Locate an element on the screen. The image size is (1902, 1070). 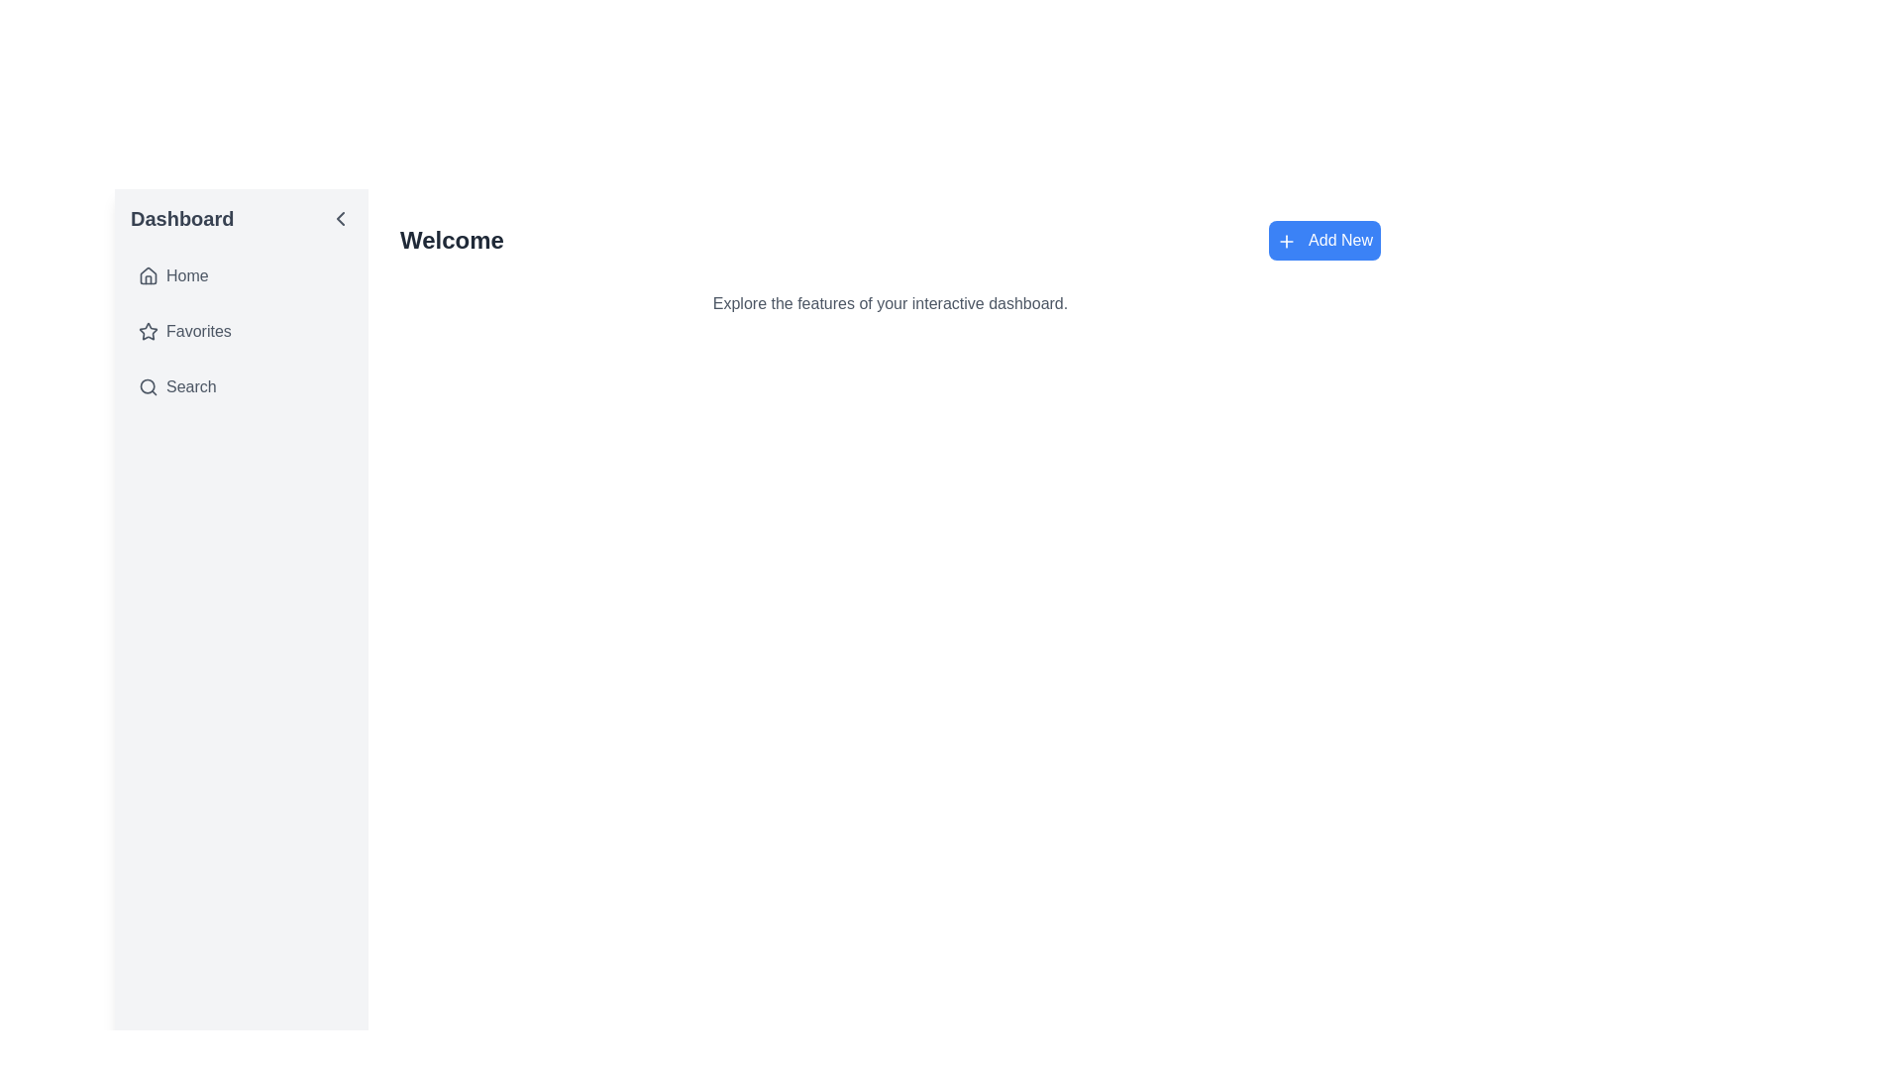
text label indicating the 'Favorites' menu item in the vertical navigation menu, which is located below the 'Home' item and above the 'Search' item is located at coordinates (198, 331).